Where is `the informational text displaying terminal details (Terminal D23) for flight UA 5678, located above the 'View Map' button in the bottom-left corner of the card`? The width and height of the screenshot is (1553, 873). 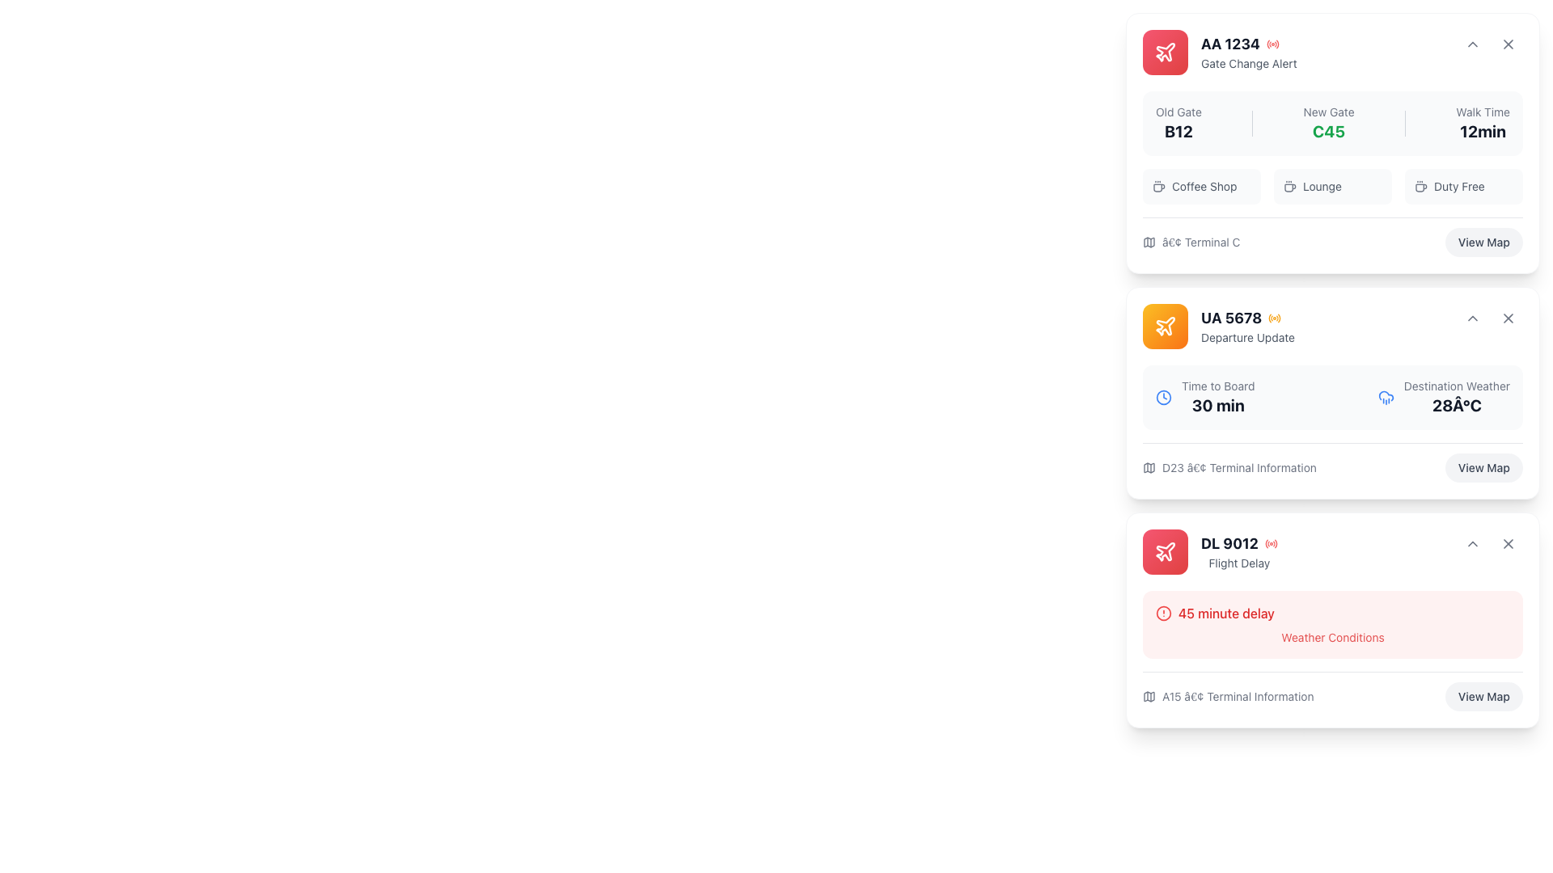 the informational text displaying terminal details (Terminal D23) for flight UA 5678, located above the 'View Map' button in the bottom-left corner of the card is located at coordinates (1229, 467).